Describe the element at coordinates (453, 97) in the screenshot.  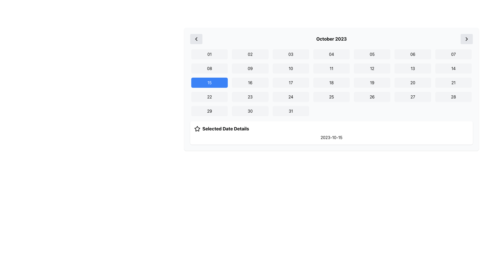
I see `the button labeled '28' with a light gray background and bold black font, located in the last column of the fourth row in the date grid layout` at that location.